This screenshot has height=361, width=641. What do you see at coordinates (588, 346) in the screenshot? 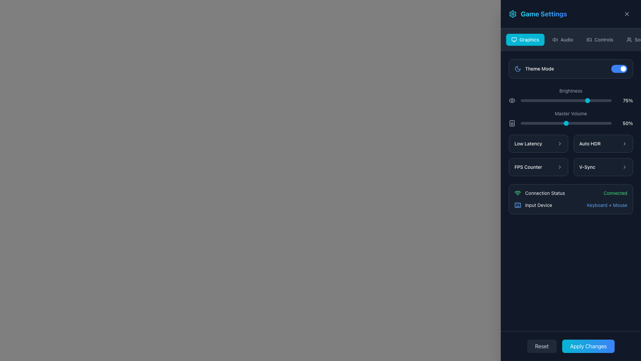
I see `the button located at the bottom-right section of the interface` at bounding box center [588, 346].